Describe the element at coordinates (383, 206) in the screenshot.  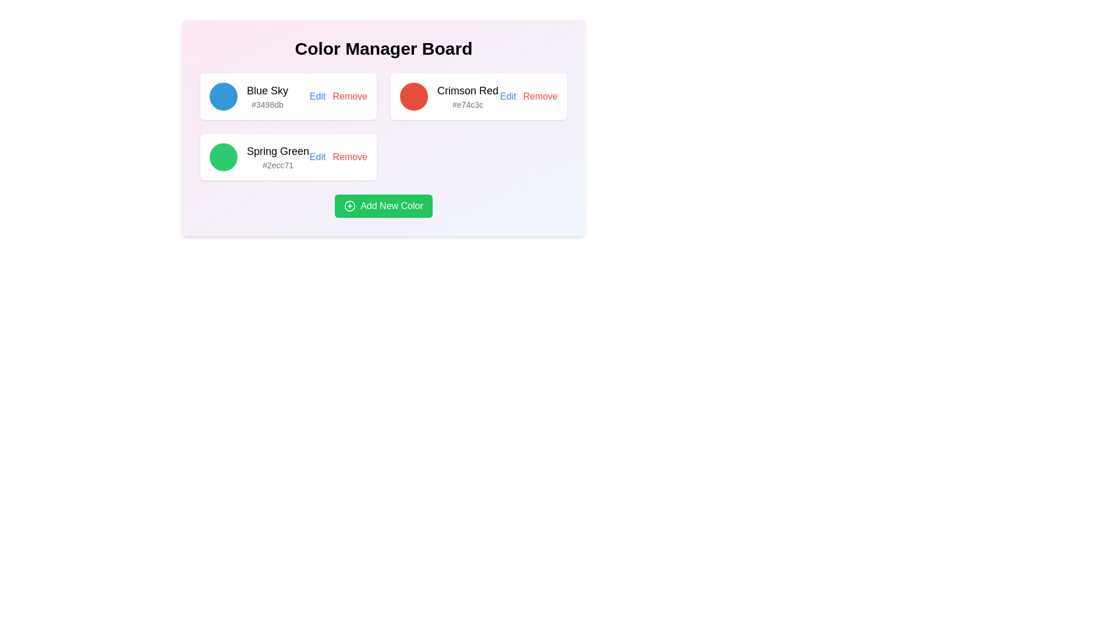
I see `the distinct green button labeled 'Add New Color' with a white plus icon` at that location.